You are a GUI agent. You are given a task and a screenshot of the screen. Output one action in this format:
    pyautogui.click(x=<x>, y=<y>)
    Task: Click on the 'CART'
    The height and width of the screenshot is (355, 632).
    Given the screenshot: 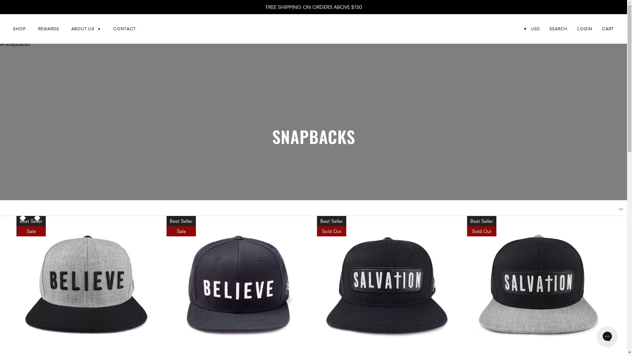 What is the action you would take?
    pyautogui.click(x=602, y=28)
    